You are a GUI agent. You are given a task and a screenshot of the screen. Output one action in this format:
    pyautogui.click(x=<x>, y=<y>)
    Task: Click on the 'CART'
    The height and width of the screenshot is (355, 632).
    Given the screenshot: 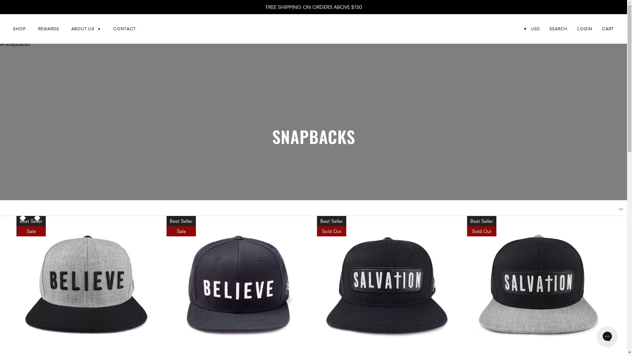 What is the action you would take?
    pyautogui.click(x=602, y=28)
    